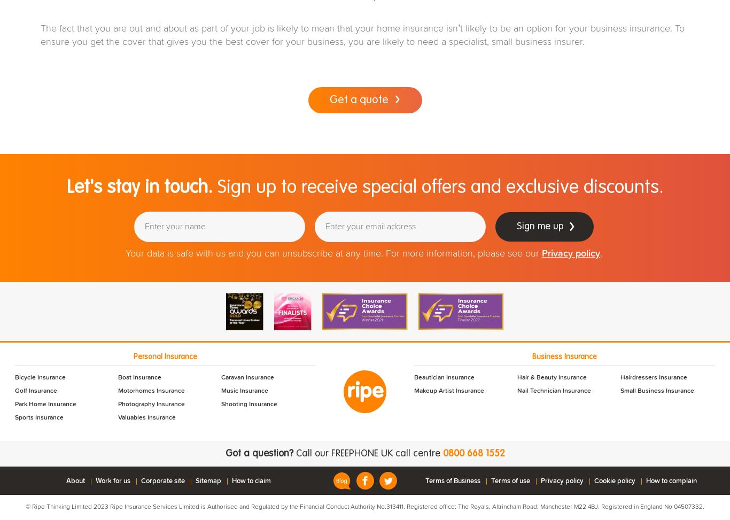 This screenshot has width=730, height=520. I want to click on 'Personal Insurance', so click(165, 356).